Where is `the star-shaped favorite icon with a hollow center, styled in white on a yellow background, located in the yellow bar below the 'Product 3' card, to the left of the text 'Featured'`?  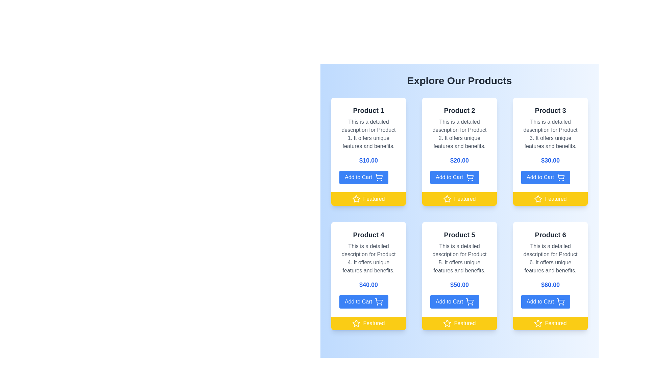
the star-shaped favorite icon with a hollow center, styled in white on a yellow background, located in the yellow bar below the 'Product 3' card, to the left of the text 'Featured' is located at coordinates (538, 199).